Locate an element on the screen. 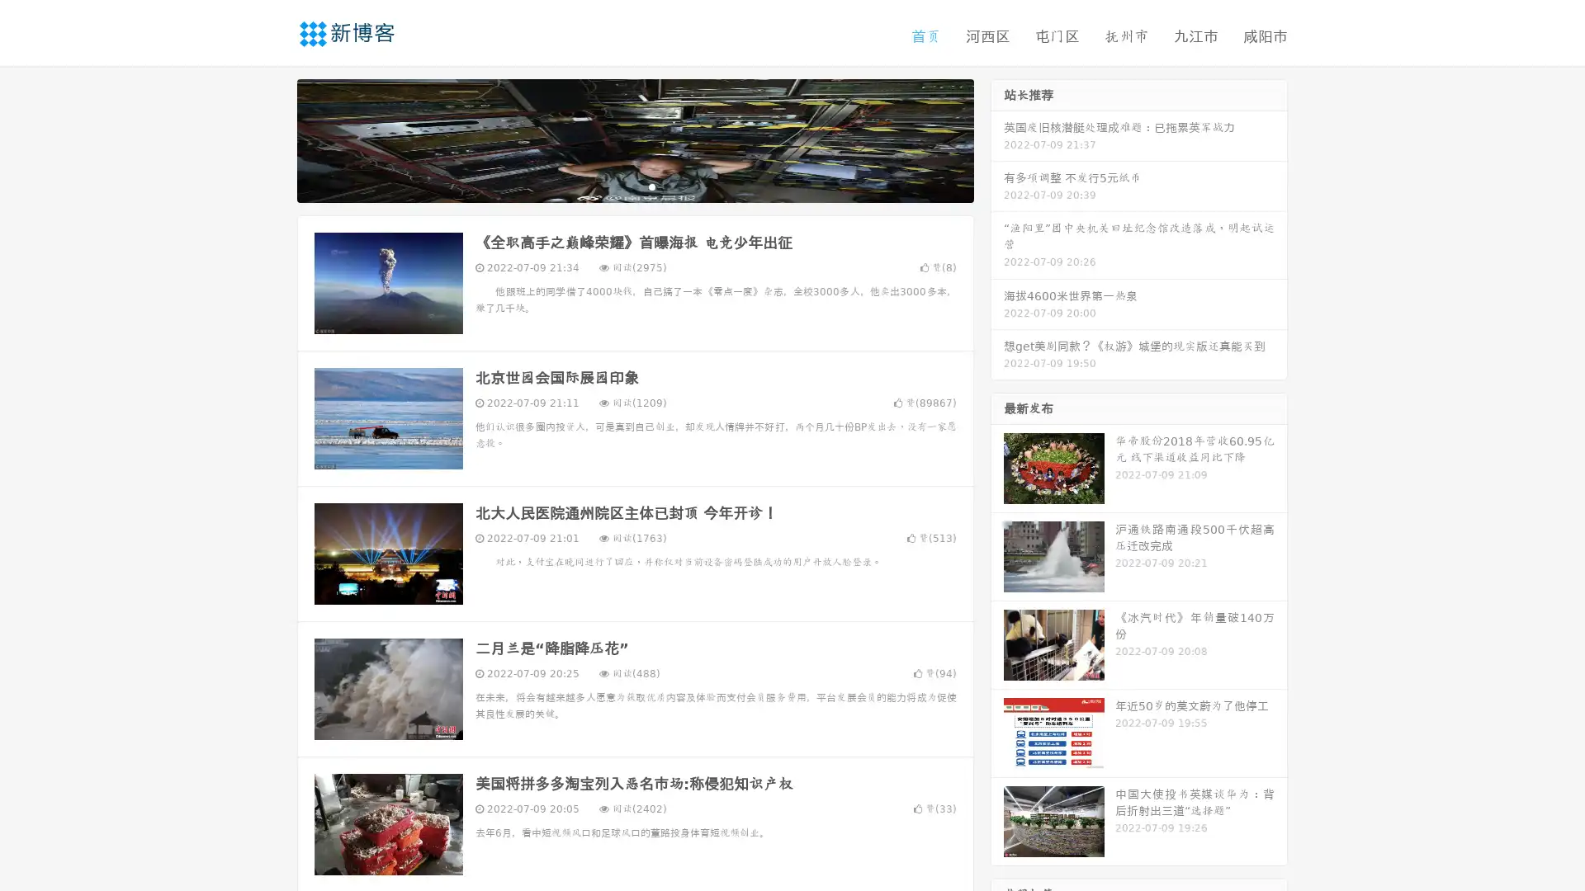  Go to slide 2 is located at coordinates (634, 186).